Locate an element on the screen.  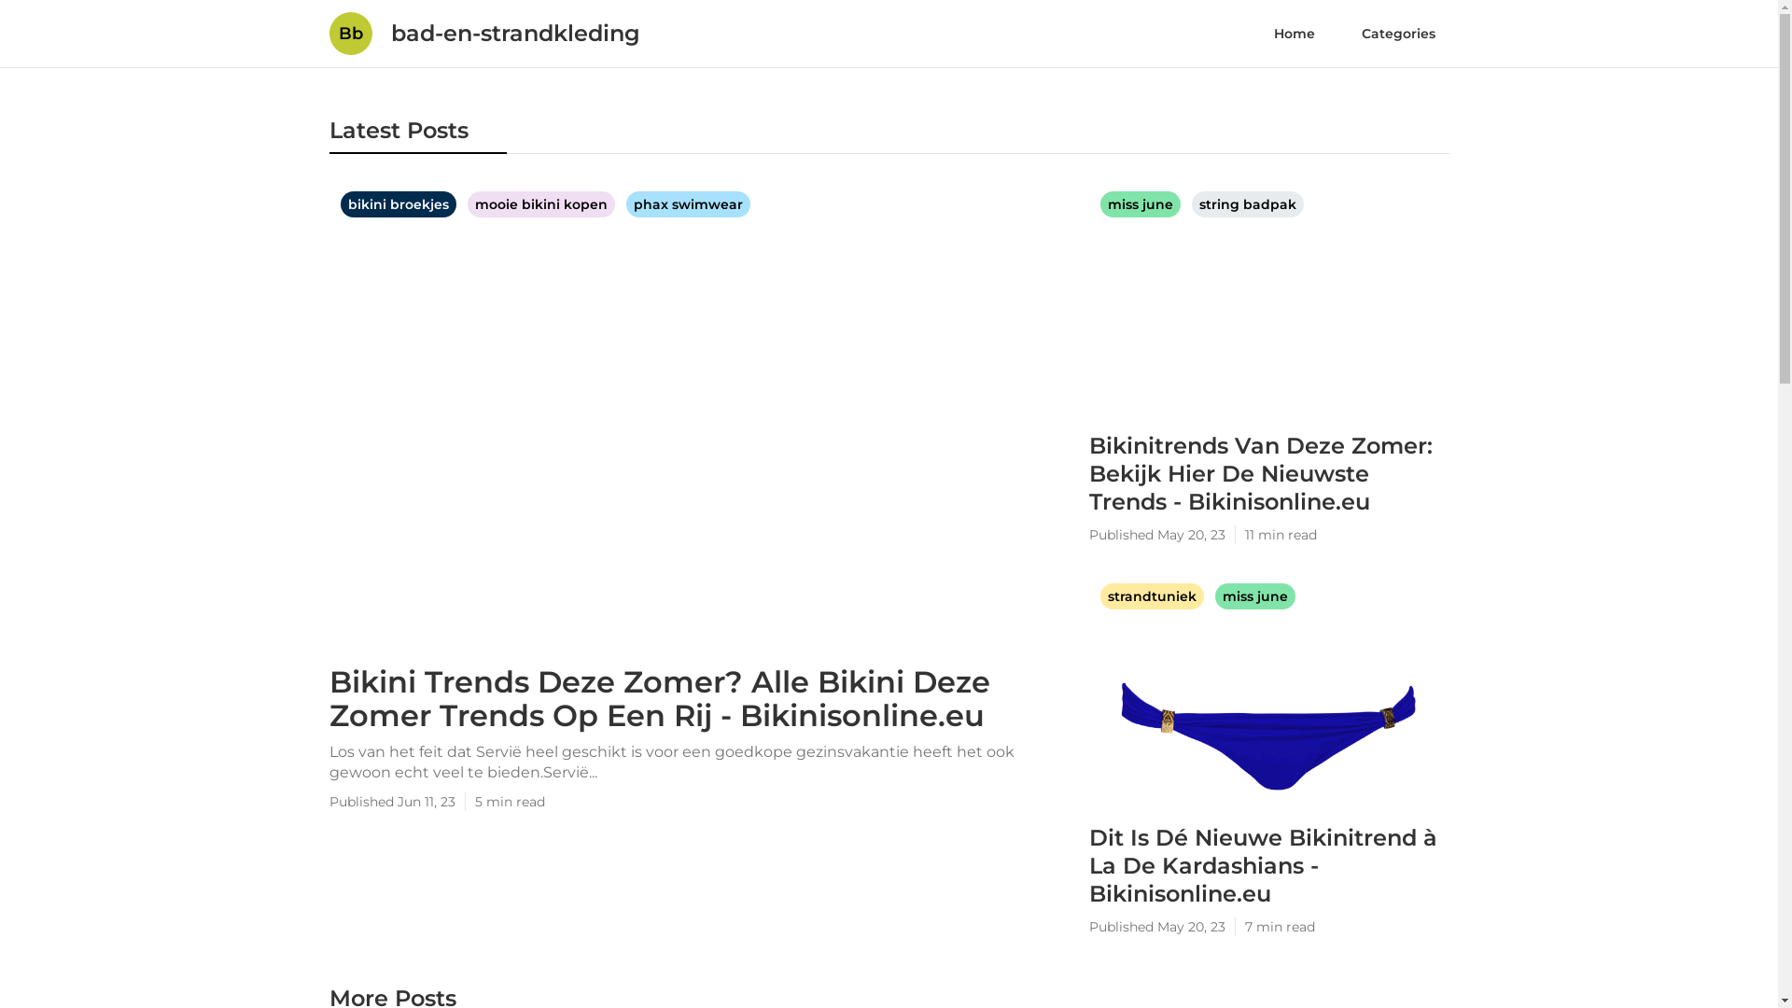
'bikini broekjes' is located at coordinates (398, 204).